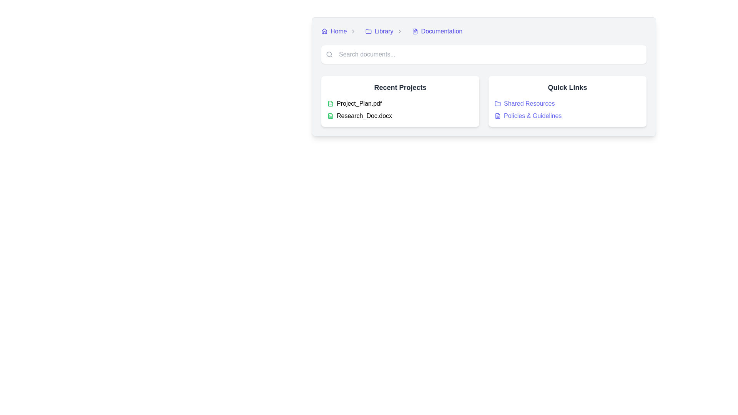 The image size is (738, 415). What do you see at coordinates (329, 54) in the screenshot?
I see `the small gray magnifying glass icon located at the left end of the search bar` at bounding box center [329, 54].